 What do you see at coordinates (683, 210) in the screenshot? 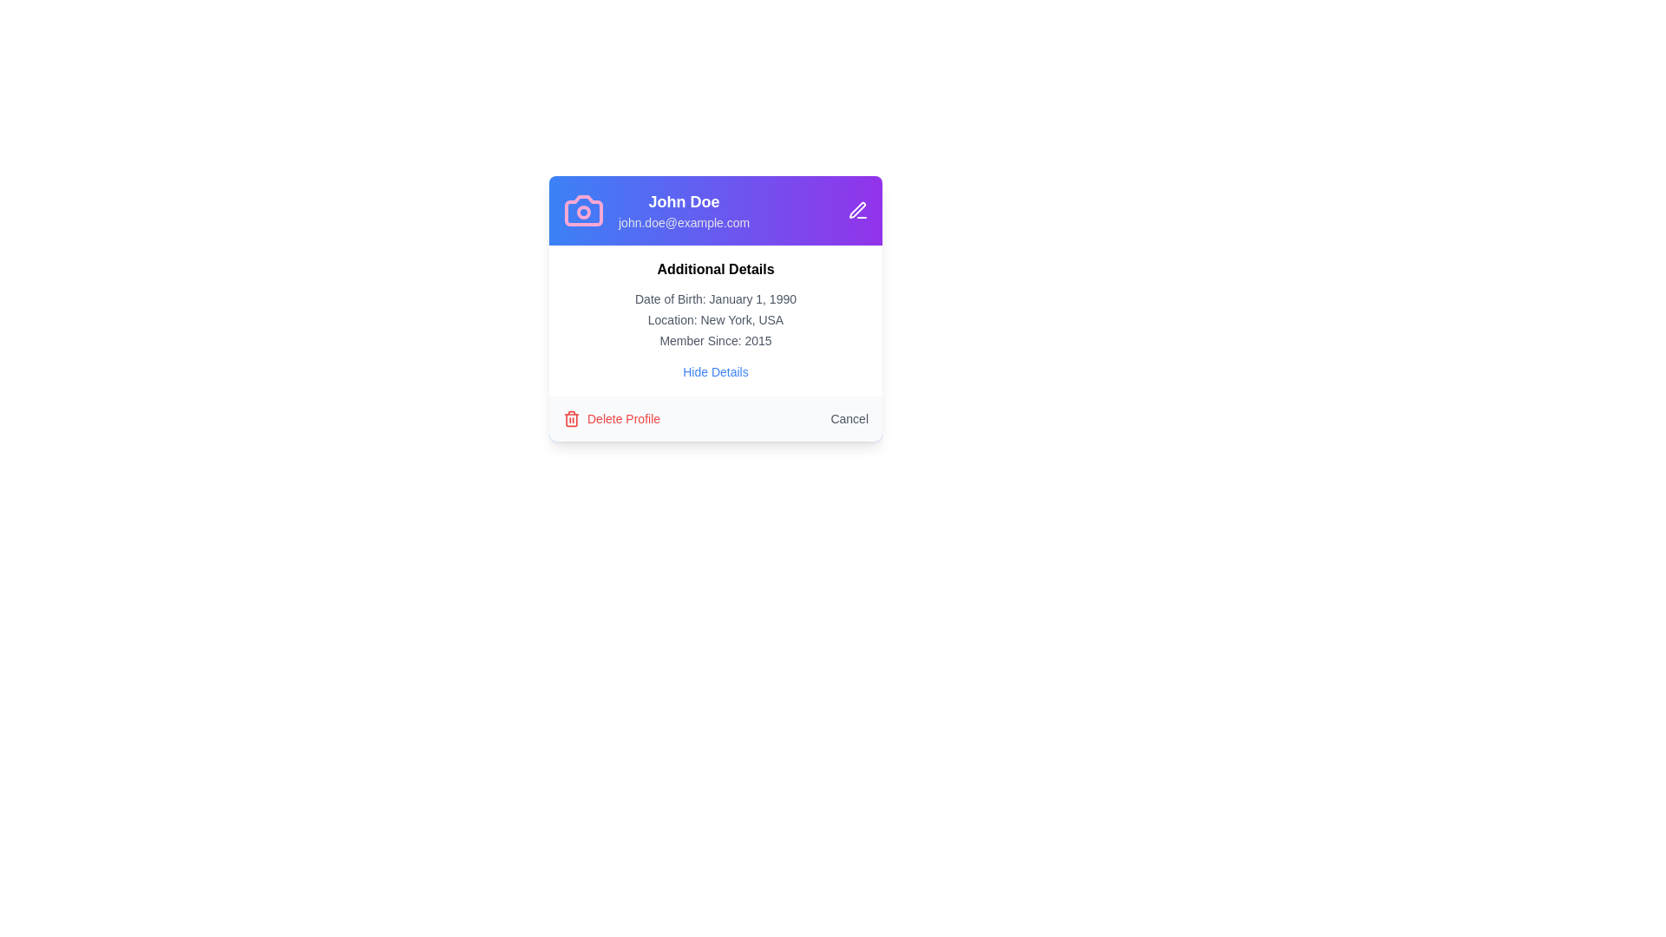
I see `the text display element showing user details, which includes the name 'John Doe' and the email 'john.doe@example.com', located near the top-left corner of the dialog box` at bounding box center [683, 210].